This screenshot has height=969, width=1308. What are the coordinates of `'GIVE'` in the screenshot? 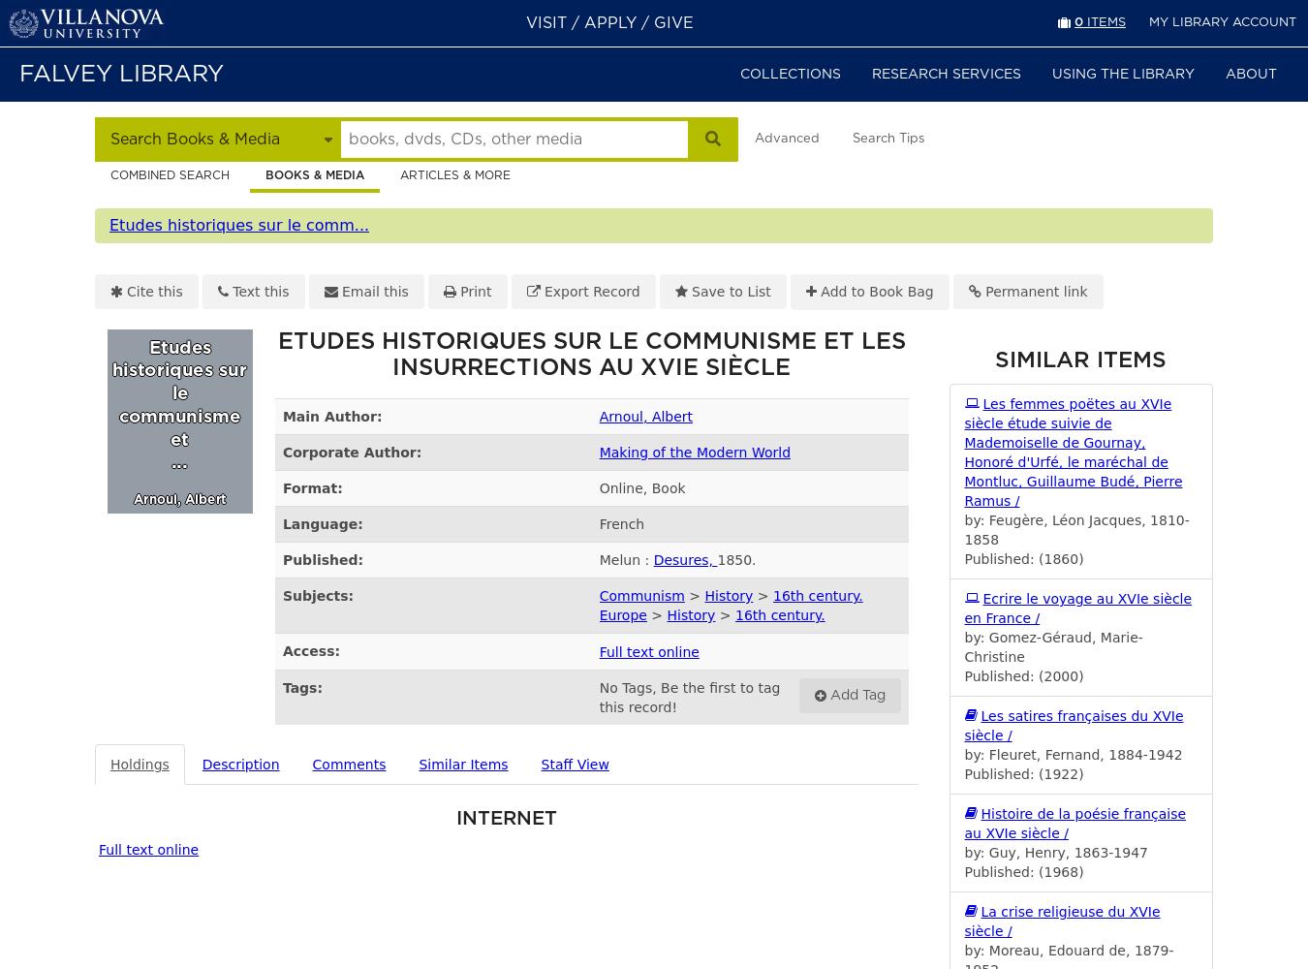 It's located at (672, 23).